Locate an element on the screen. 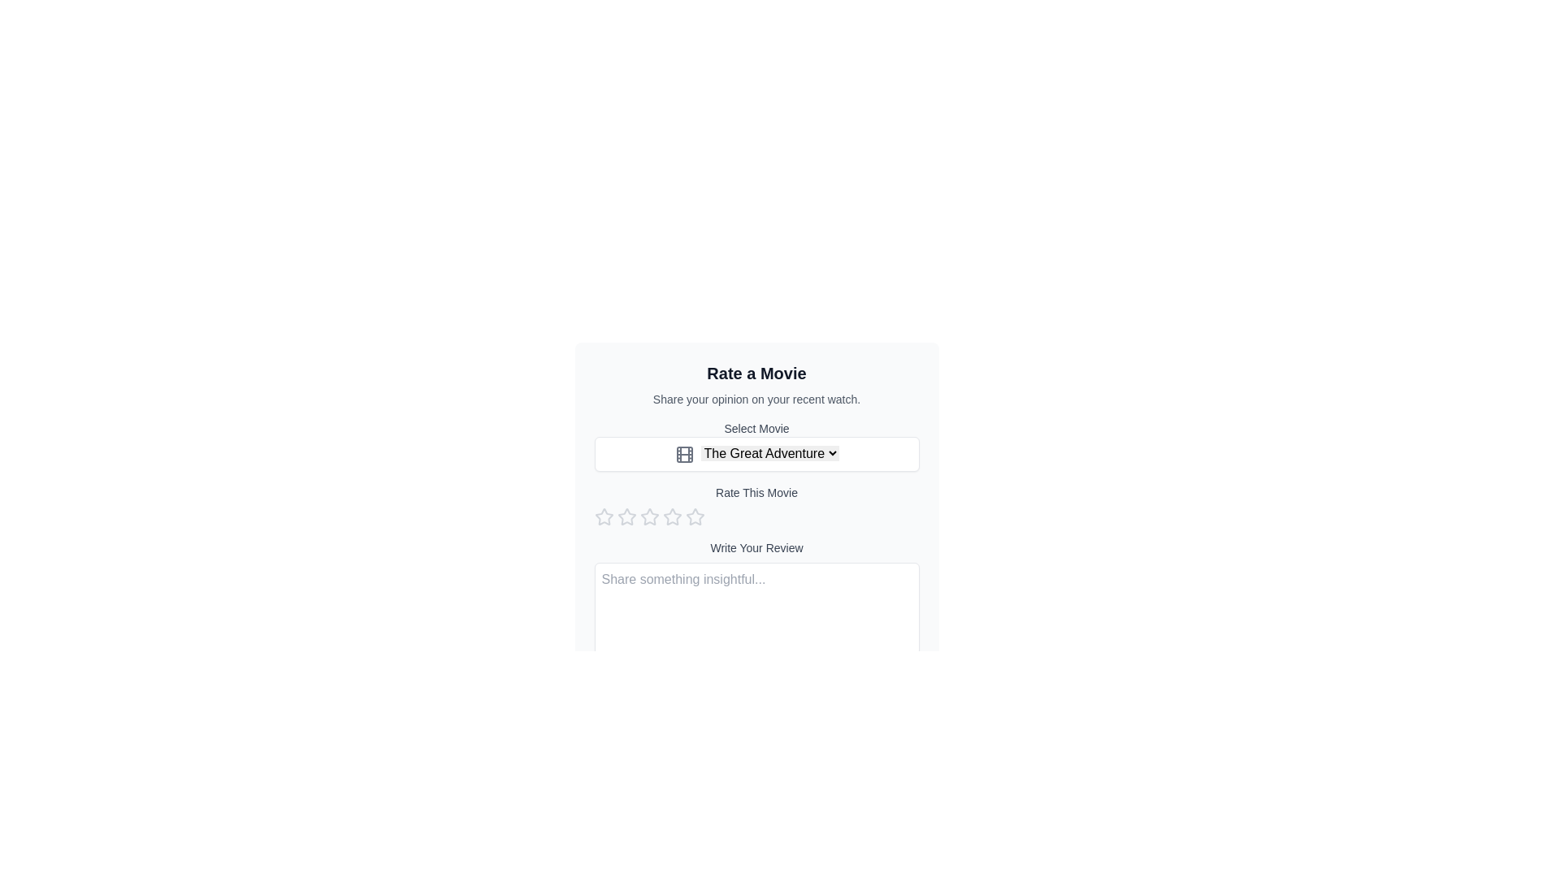 The height and width of the screenshot is (877, 1560). the second star rating button is located at coordinates (648, 516).